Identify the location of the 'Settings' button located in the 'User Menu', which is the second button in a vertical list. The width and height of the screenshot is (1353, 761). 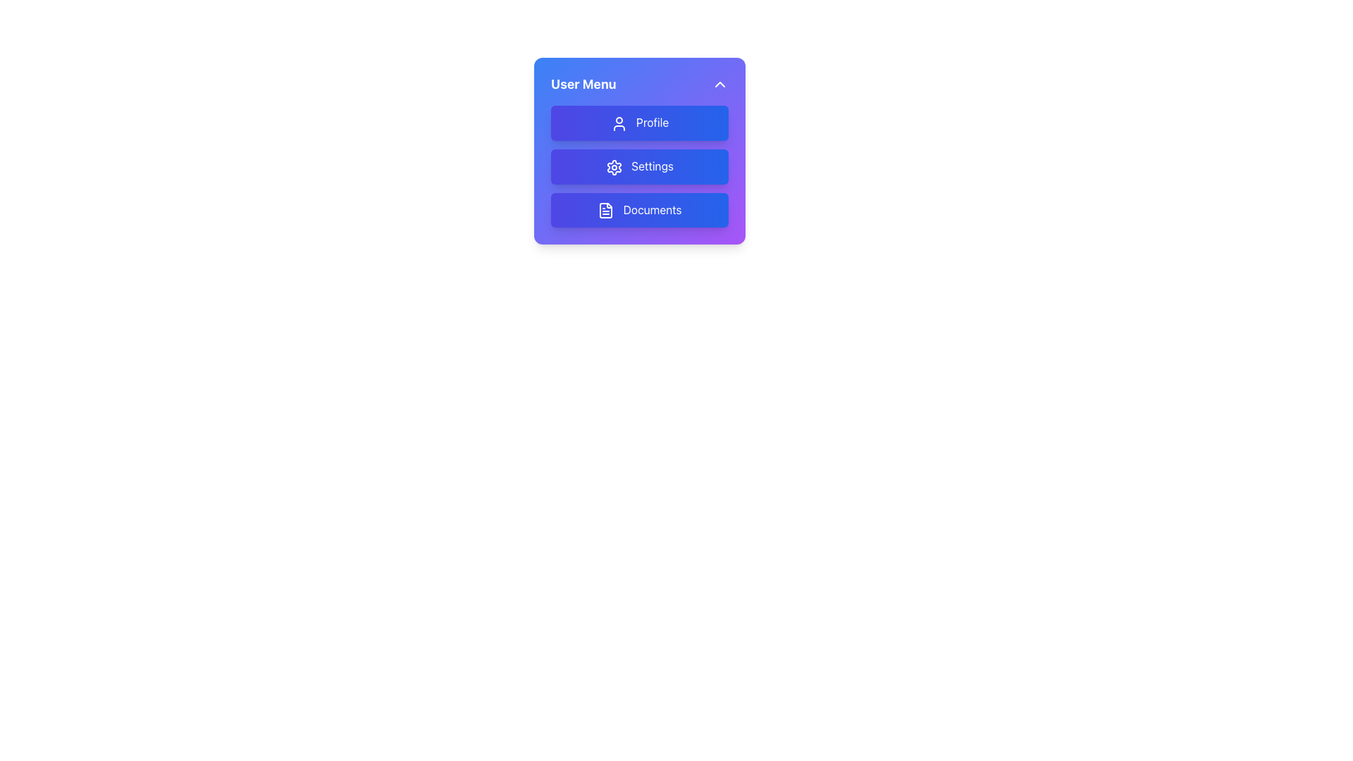
(638, 165).